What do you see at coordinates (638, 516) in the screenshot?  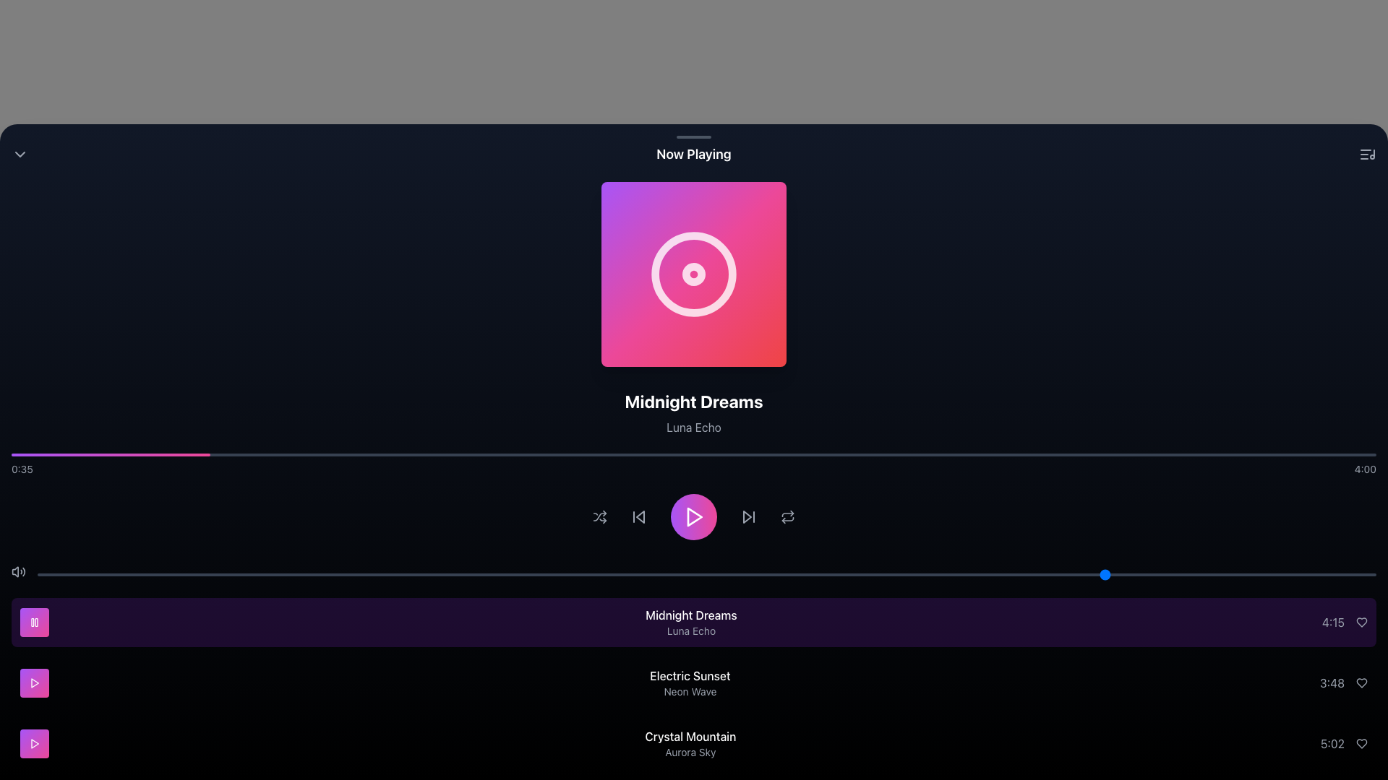 I see `the small gray backward skip button located just to the left of the central play button in the media control interface` at bounding box center [638, 516].